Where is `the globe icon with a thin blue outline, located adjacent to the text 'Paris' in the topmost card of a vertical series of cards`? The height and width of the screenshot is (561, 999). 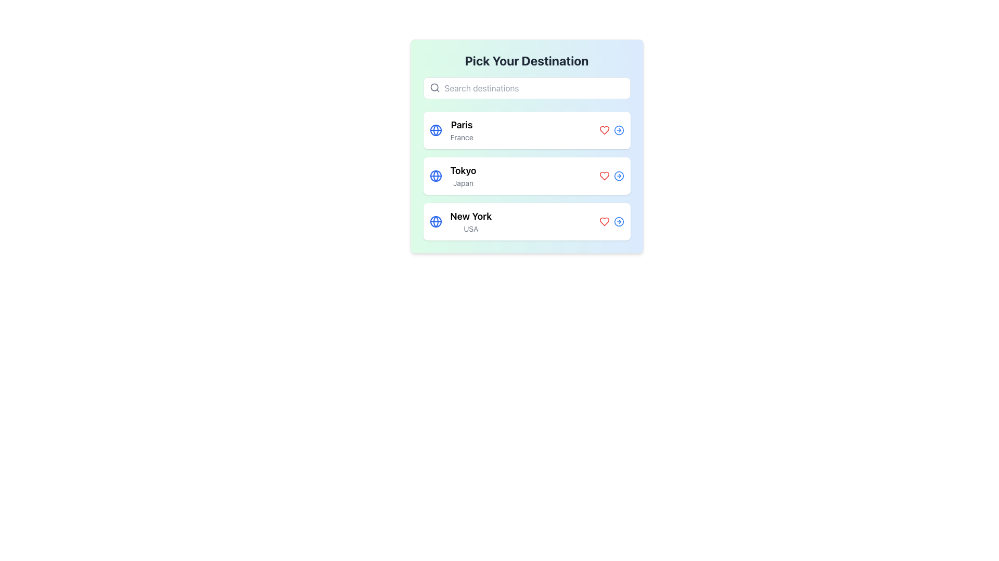
the globe icon with a thin blue outline, located adjacent to the text 'Paris' in the topmost card of a vertical series of cards is located at coordinates (436, 129).